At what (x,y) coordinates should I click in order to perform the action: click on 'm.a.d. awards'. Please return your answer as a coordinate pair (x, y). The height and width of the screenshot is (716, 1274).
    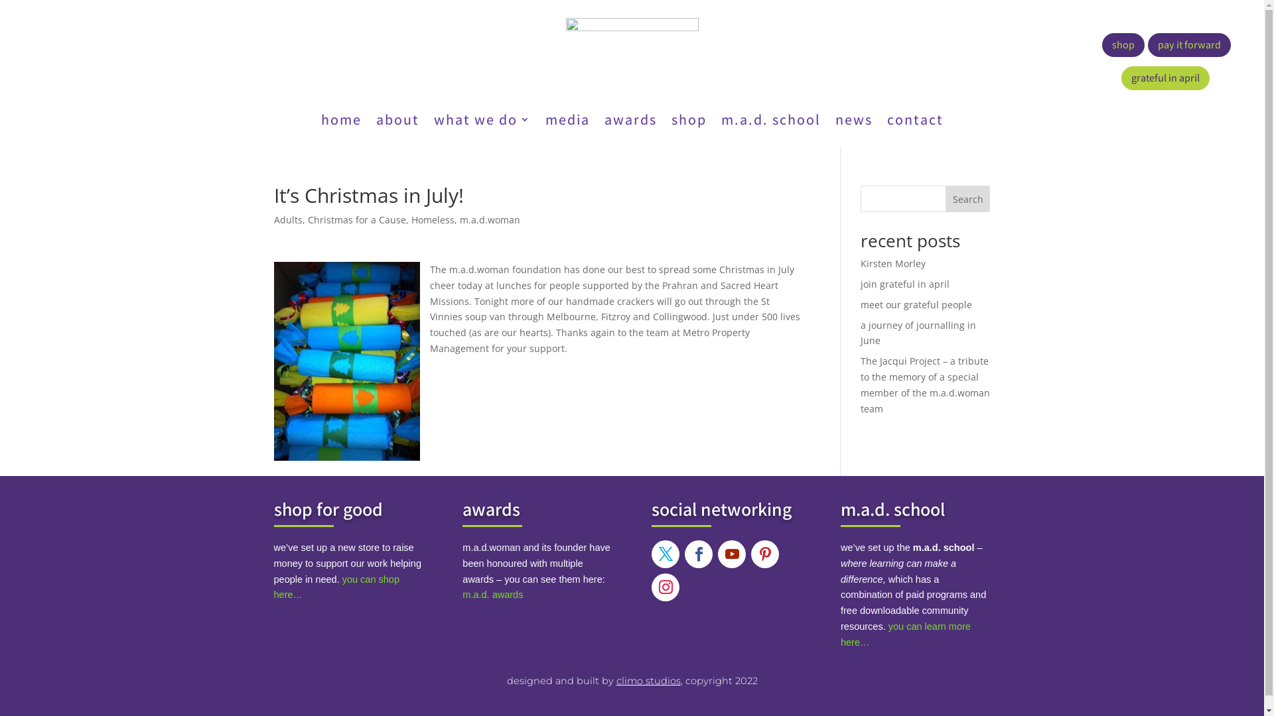
    Looking at the image, I should click on (492, 594).